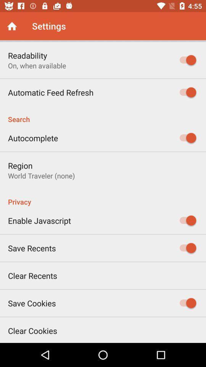 The height and width of the screenshot is (367, 206). What do you see at coordinates (11, 26) in the screenshot?
I see `back to home screen` at bounding box center [11, 26].